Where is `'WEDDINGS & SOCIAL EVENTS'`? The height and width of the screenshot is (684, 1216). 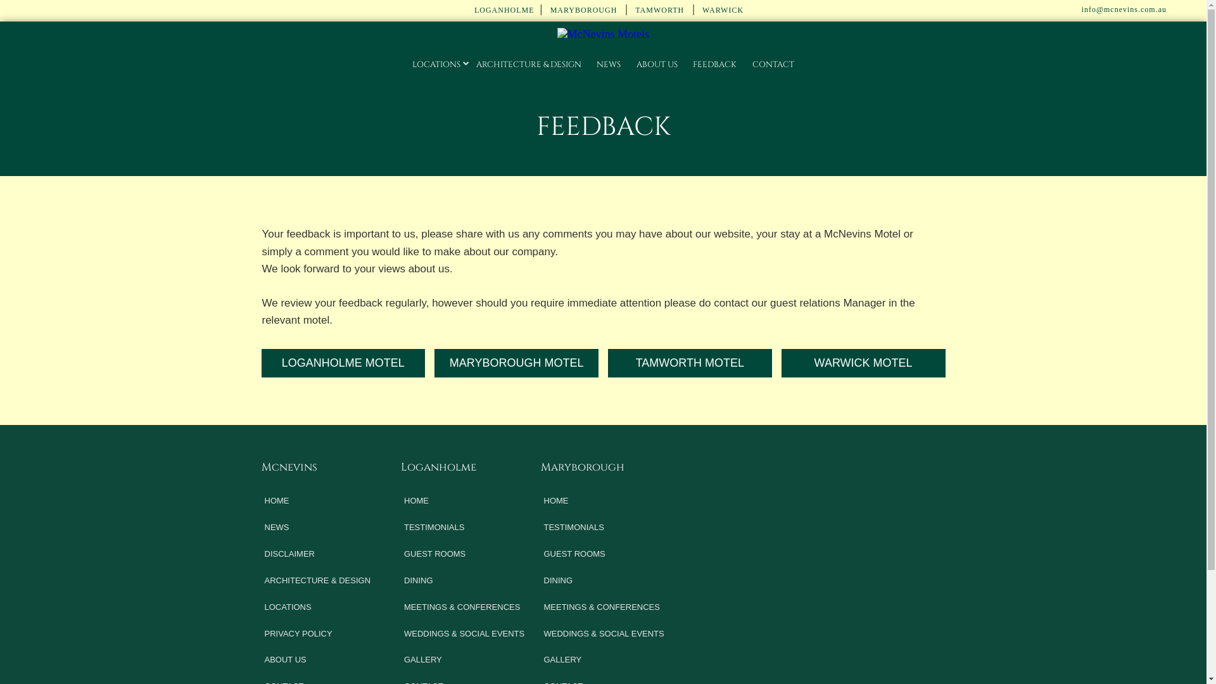 'WEDDINGS & SOCIAL EVENTS' is located at coordinates (541, 634).